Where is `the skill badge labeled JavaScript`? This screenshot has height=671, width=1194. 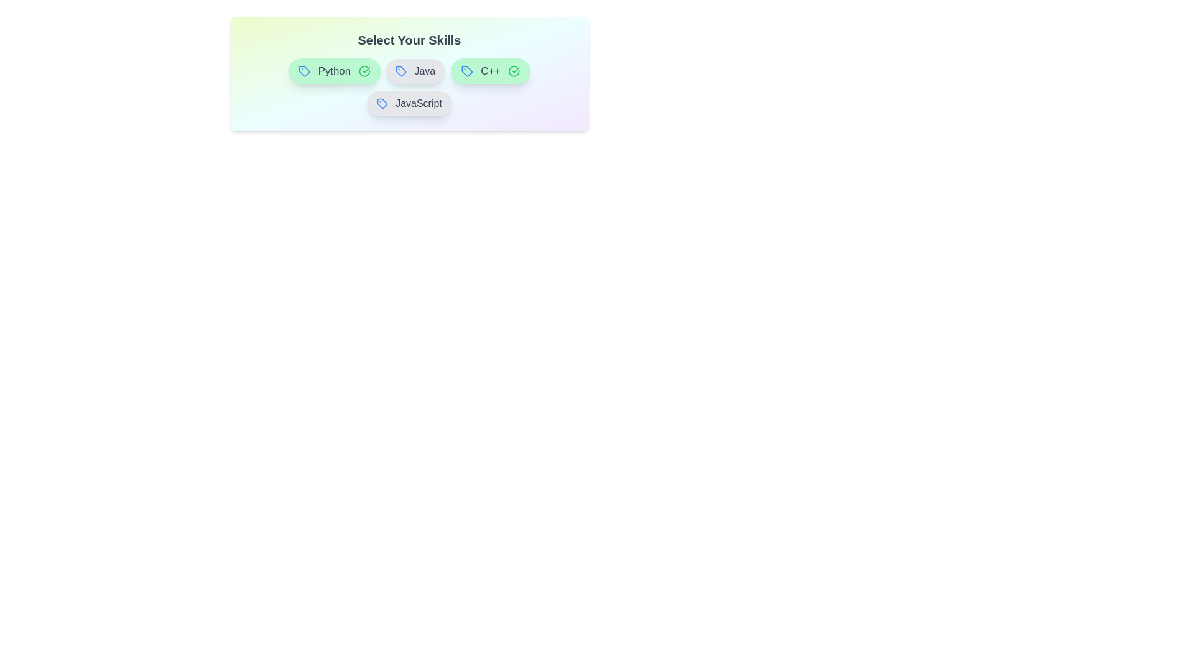 the skill badge labeled JavaScript is located at coordinates (409, 103).